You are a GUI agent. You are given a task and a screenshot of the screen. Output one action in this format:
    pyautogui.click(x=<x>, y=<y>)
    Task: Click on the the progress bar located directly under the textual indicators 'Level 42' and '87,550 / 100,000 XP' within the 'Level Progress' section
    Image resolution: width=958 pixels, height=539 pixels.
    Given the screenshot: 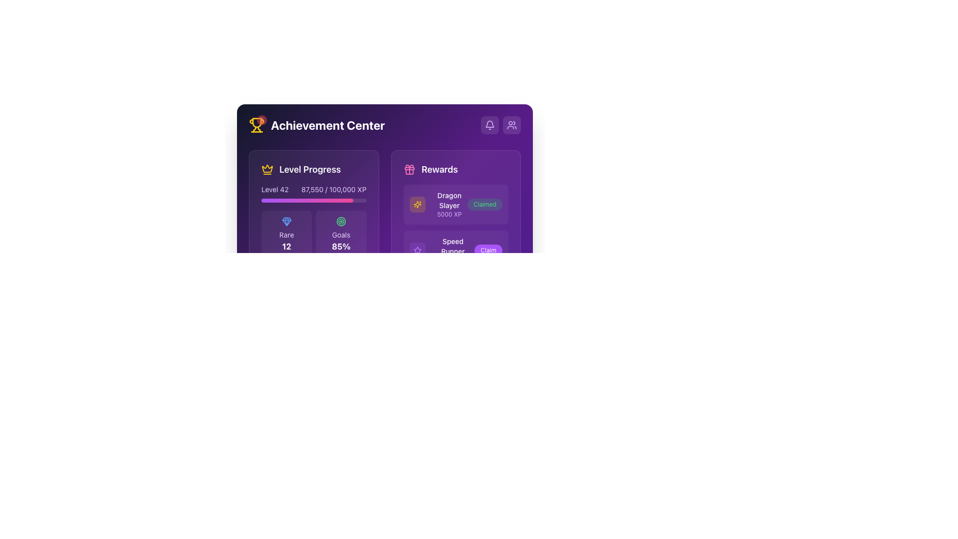 What is the action you would take?
    pyautogui.click(x=313, y=200)
    